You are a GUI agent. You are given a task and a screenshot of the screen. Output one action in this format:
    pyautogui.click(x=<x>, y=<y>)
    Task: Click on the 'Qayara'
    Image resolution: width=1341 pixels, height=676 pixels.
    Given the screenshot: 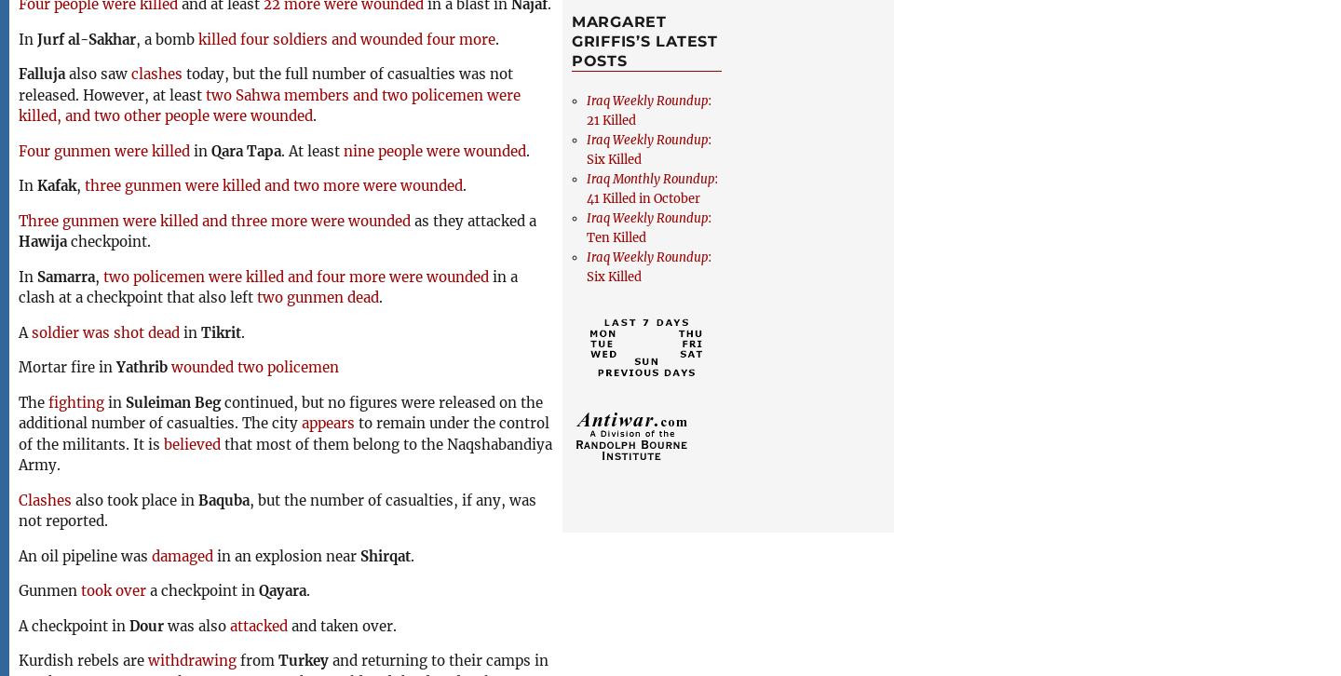 What is the action you would take?
    pyautogui.click(x=258, y=589)
    